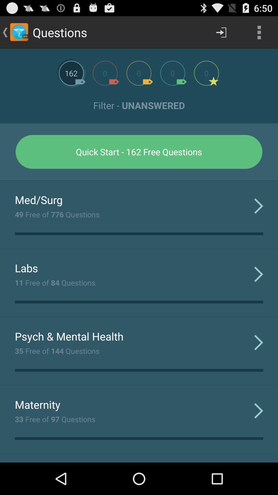 The height and width of the screenshot is (495, 278). I want to click on quick start 162, so click(139, 152).